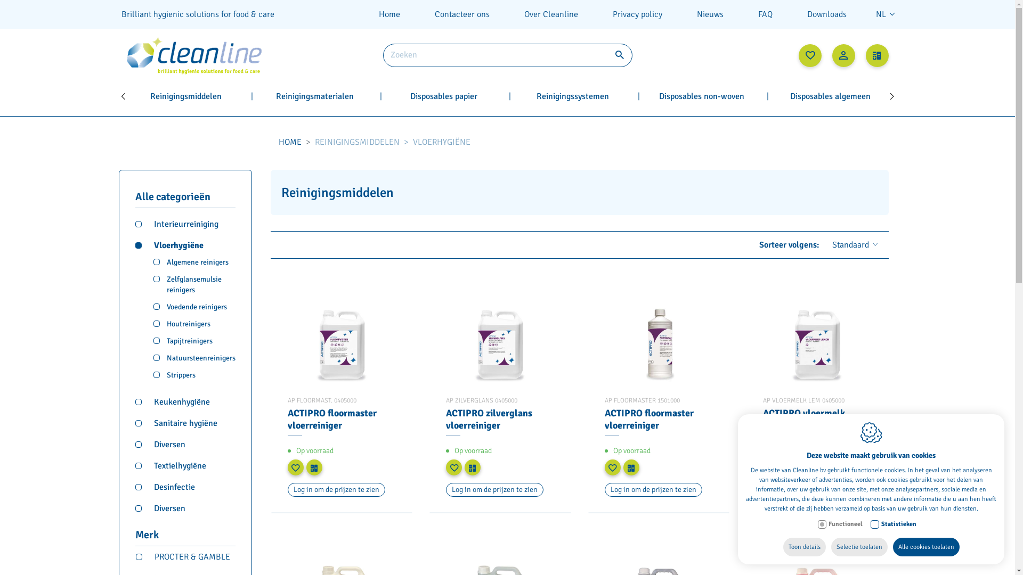 The image size is (1023, 575). I want to click on 'HOME', so click(289, 141).